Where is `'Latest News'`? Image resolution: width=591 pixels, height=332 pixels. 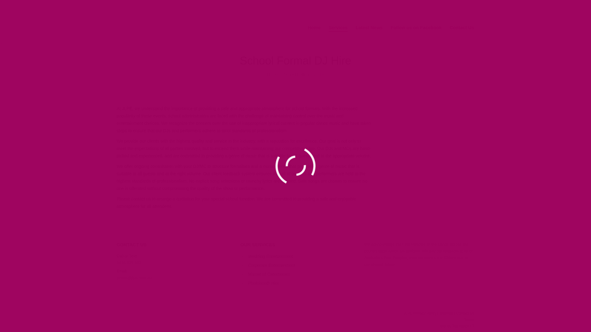
'Latest News' is located at coordinates (369, 28).